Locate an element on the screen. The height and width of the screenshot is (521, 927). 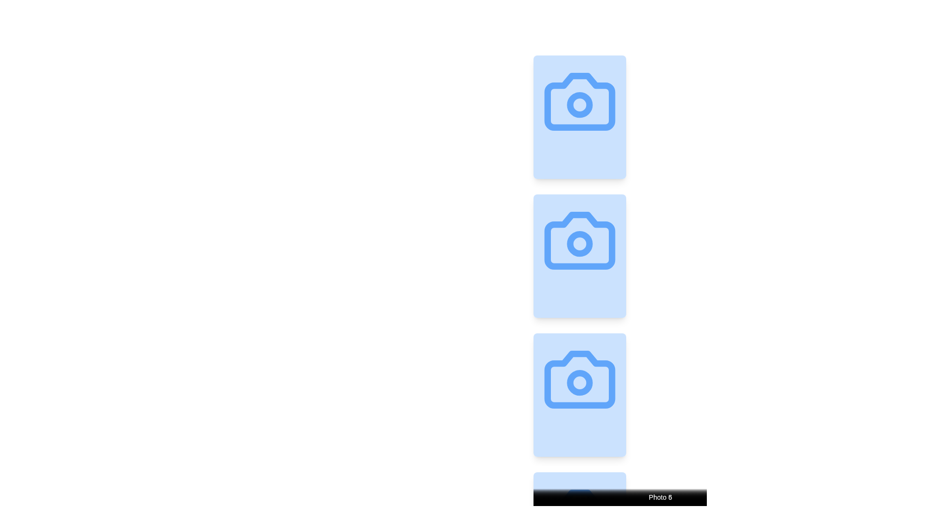
the smaller circular part of the camera icon, which symbolizes the camera lens in the second camera illustration in a vertical sequence of three icons is located at coordinates (579, 243).